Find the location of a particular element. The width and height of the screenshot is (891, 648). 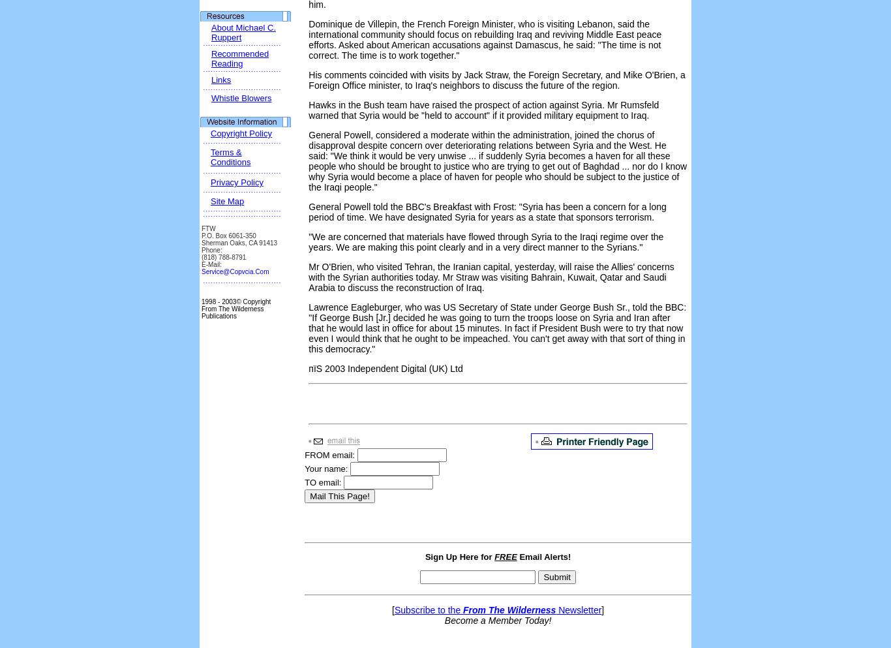

'Email Alerts!' is located at coordinates (543, 556).